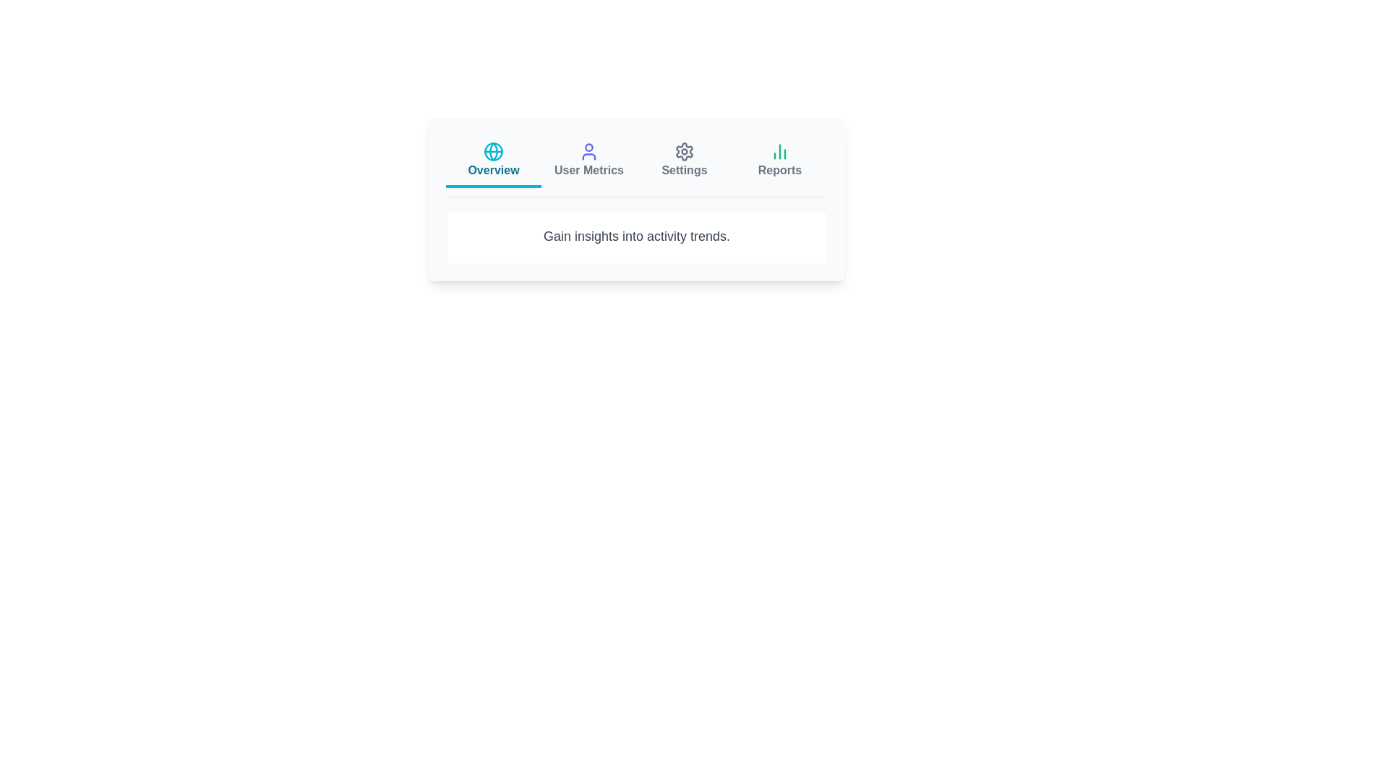 The height and width of the screenshot is (781, 1388). I want to click on the icon of the tab labeled Reports, so click(779, 151).